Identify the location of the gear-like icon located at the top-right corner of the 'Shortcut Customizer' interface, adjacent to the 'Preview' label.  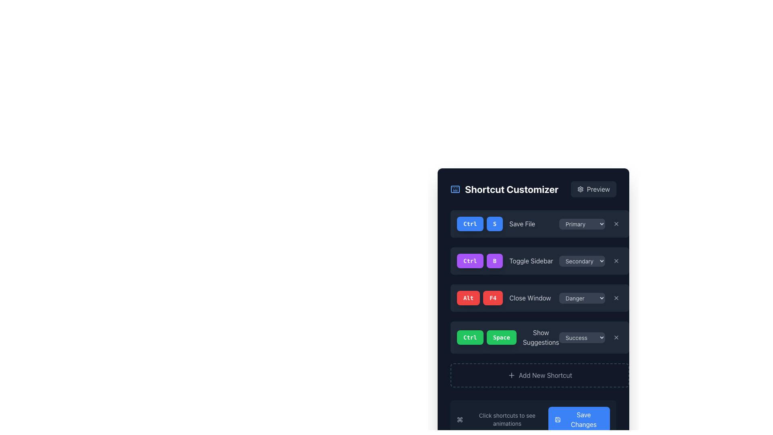
(581, 189).